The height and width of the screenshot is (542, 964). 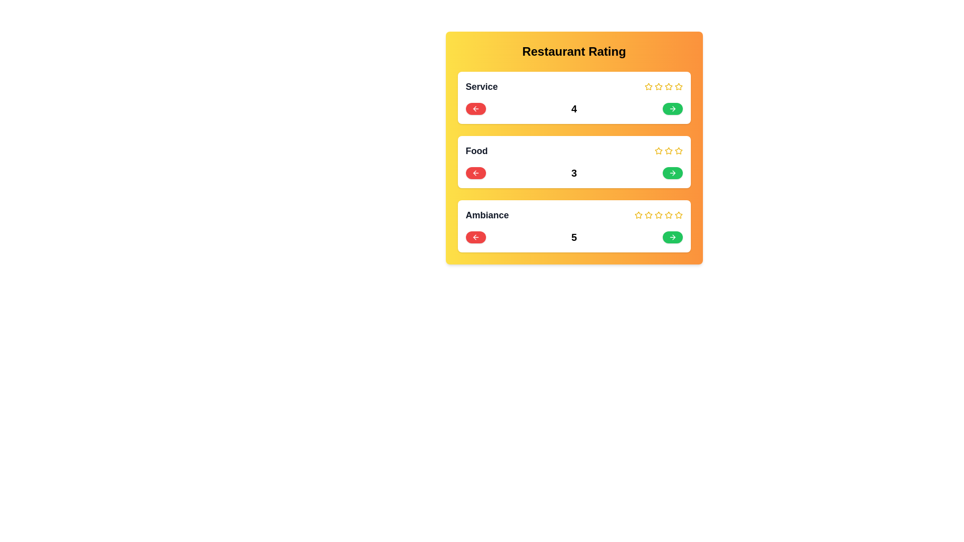 I want to click on the fifth star icon in the rating system located within the 'Food' card to set or indicate a rating value, so click(x=678, y=151).